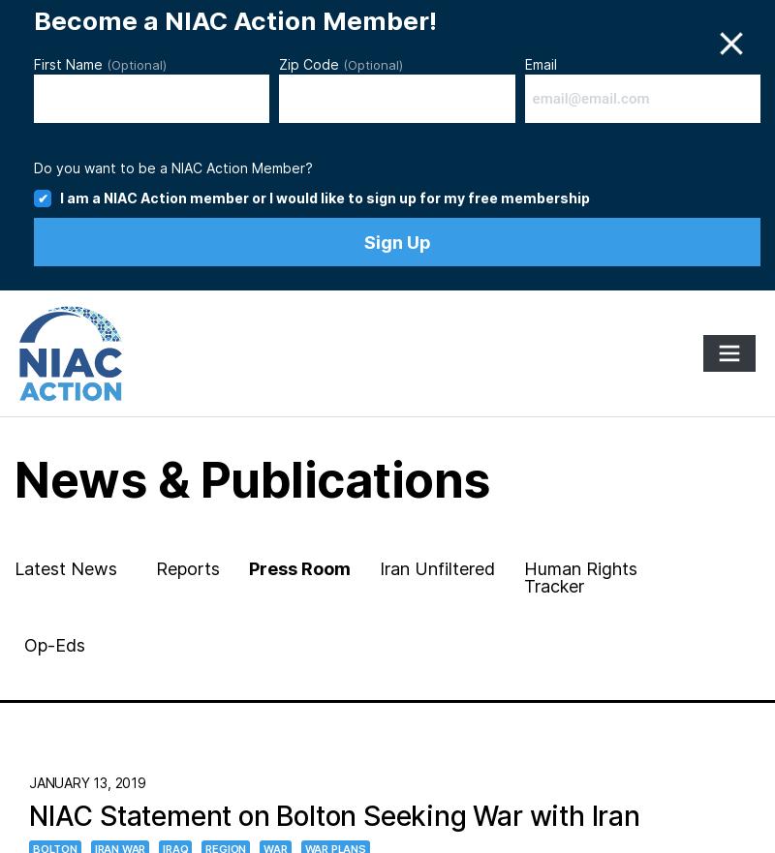 The width and height of the screenshot is (775, 853). I want to click on 'Iran Unfiltered', so click(436, 568).